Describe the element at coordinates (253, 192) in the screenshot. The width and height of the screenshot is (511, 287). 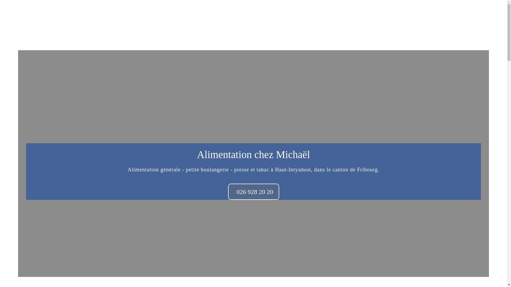
I see `'026 928 20 20'` at that location.